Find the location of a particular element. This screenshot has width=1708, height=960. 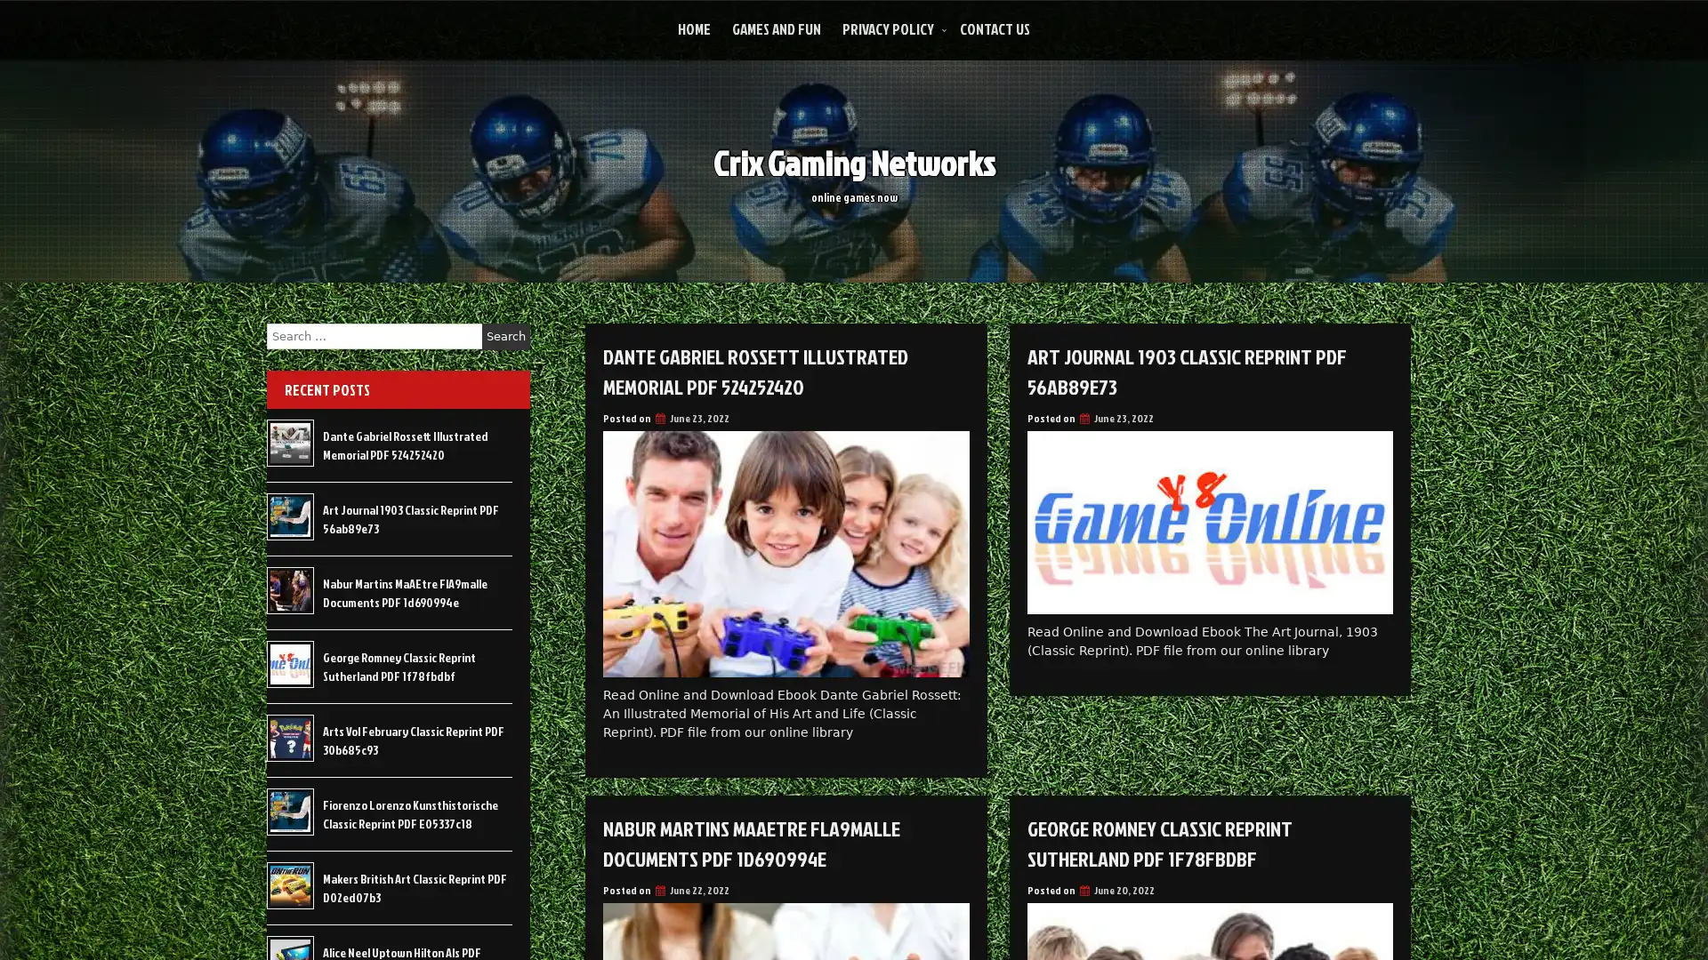

Search is located at coordinates (505, 336).